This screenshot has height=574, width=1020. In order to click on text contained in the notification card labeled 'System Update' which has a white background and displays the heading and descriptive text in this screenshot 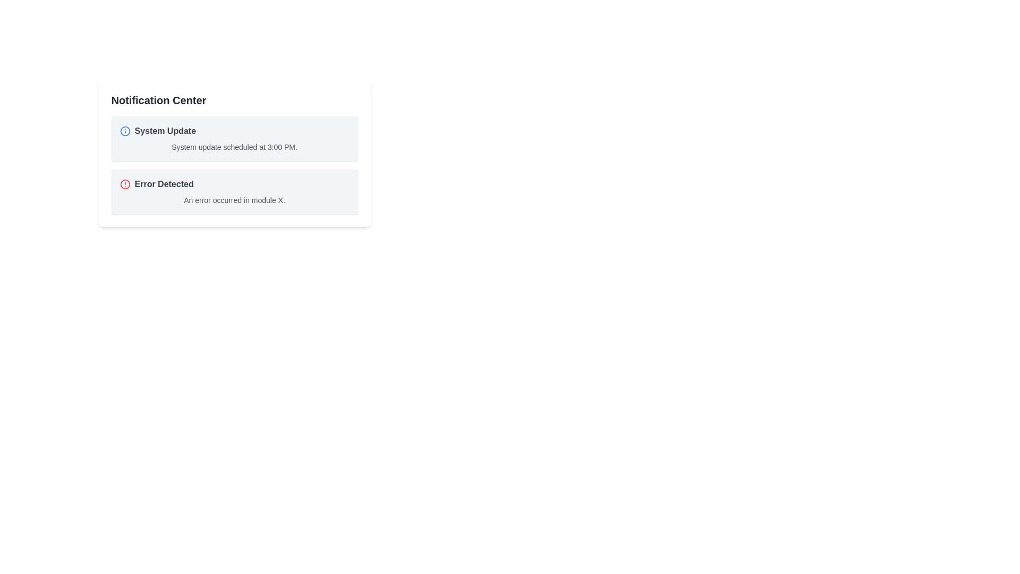, I will do `click(234, 154)`.